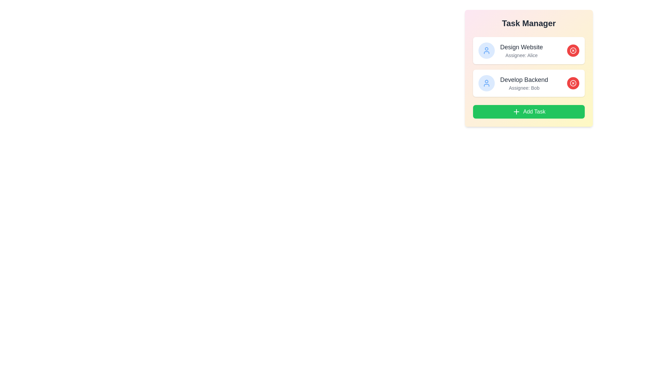 The height and width of the screenshot is (367, 652). Describe the element at coordinates (486, 83) in the screenshot. I see `the circular icon representing the user associated with the 'Develop Backend' task, located at the left side of the task card, above the text 'Assignee: Bob'` at that location.